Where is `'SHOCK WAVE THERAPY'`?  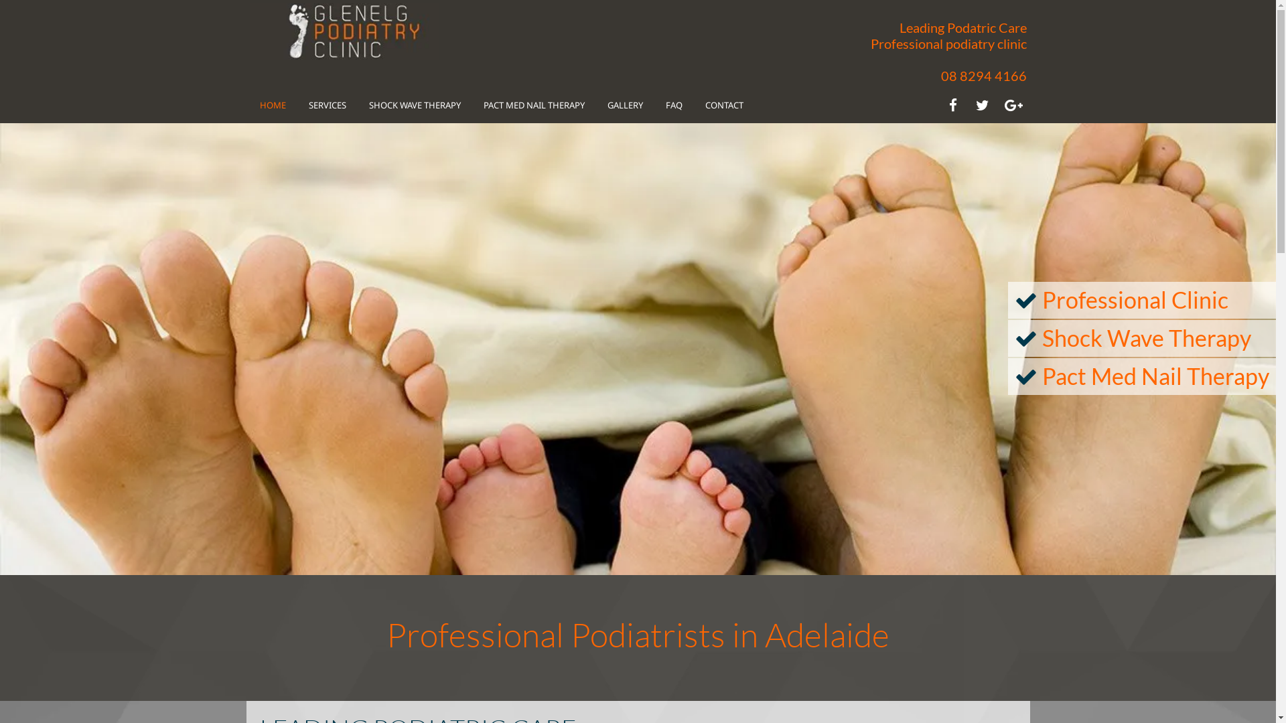
'SHOCK WAVE THERAPY' is located at coordinates (368, 104).